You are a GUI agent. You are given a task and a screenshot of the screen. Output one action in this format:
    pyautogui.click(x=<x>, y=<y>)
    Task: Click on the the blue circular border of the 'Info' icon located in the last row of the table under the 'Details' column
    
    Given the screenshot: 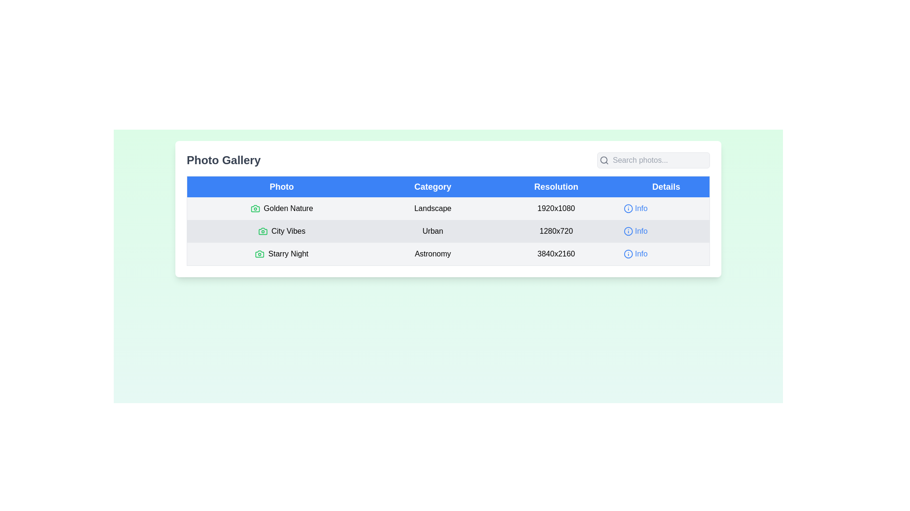 What is the action you would take?
    pyautogui.click(x=628, y=253)
    